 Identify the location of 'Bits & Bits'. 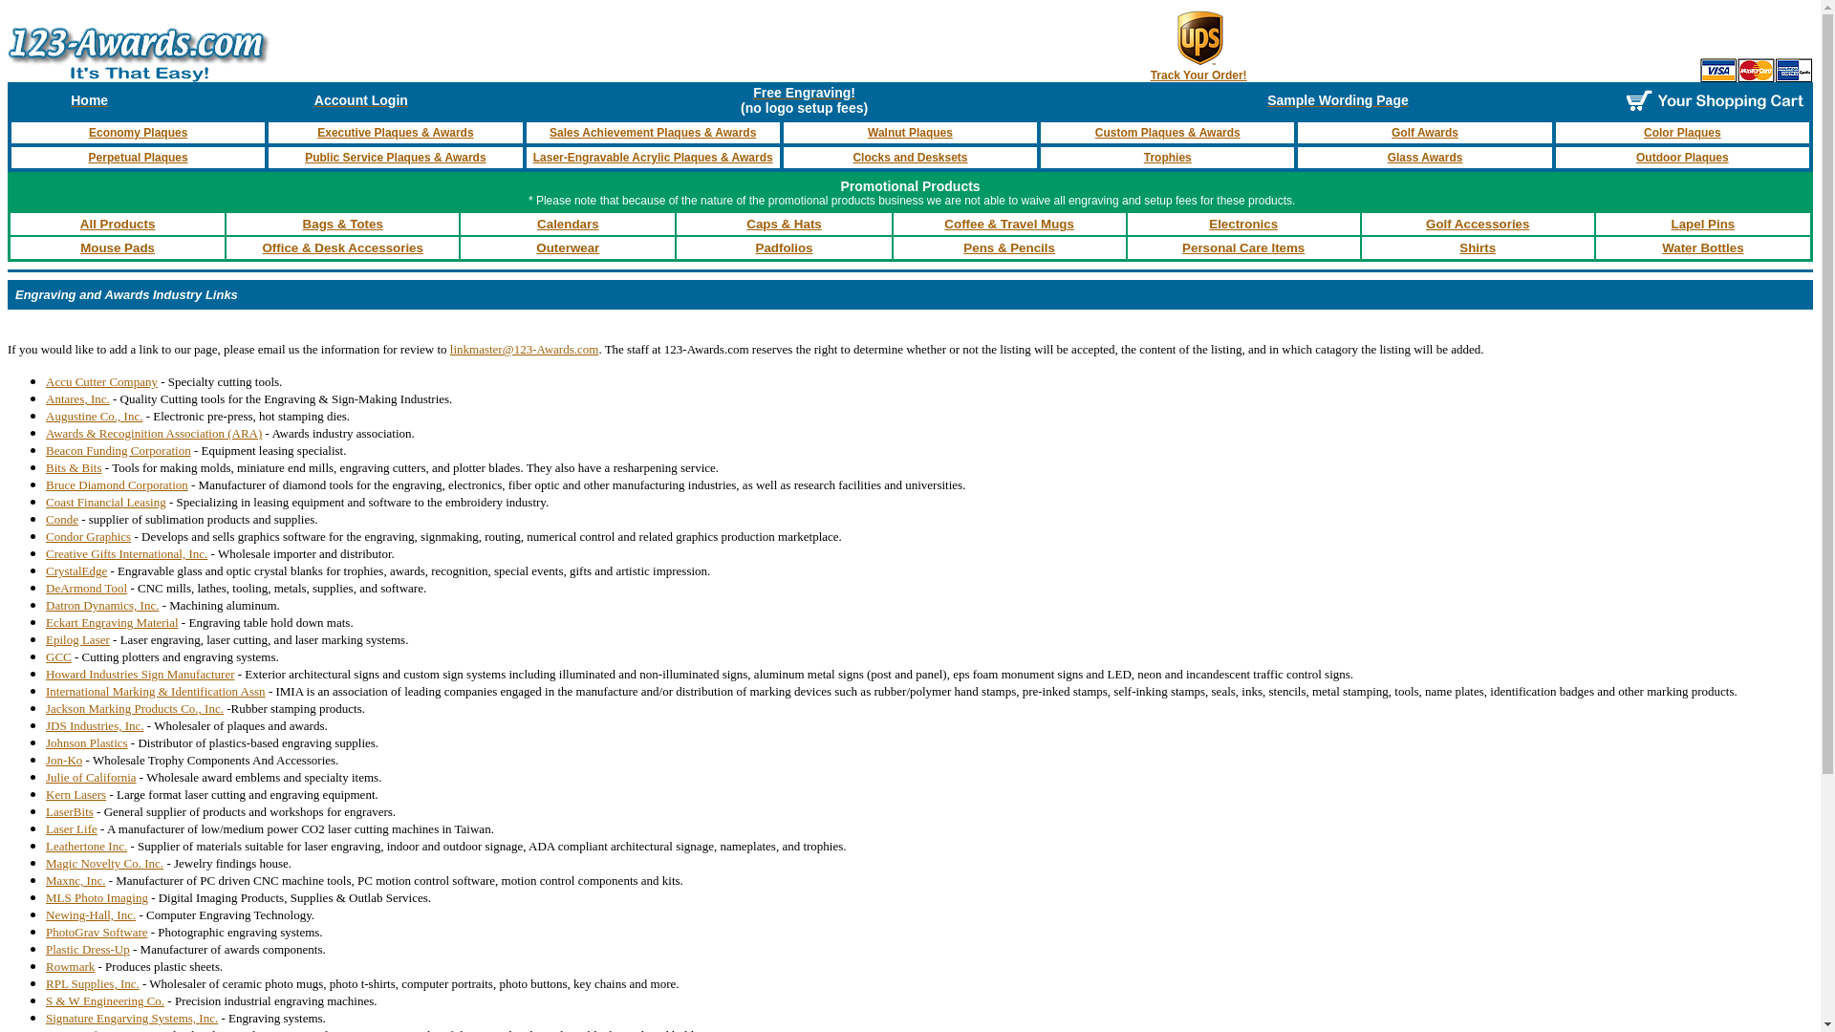
(74, 467).